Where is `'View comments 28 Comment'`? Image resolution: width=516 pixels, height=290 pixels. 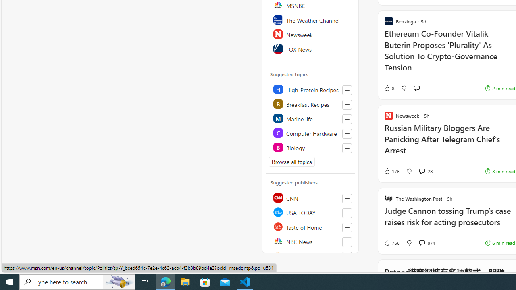 'View comments 28 Comment' is located at coordinates (425, 171).